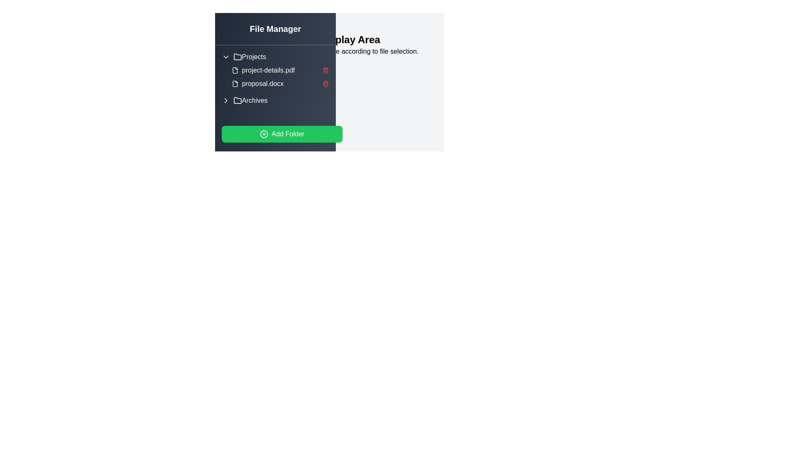 This screenshot has width=805, height=453. I want to click on the document icon part of the 'proposal.docx' under the 'Projects' section in the file manager by clicking on its rectangular outline, so click(235, 84).